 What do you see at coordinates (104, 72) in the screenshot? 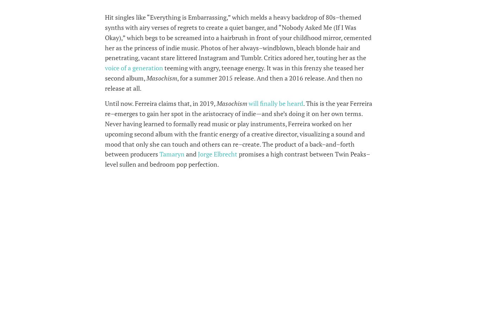
I see `'teeming with angry, teenage energy. It was in this frenzy she teased her second album,'` at bounding box center [104, 72].